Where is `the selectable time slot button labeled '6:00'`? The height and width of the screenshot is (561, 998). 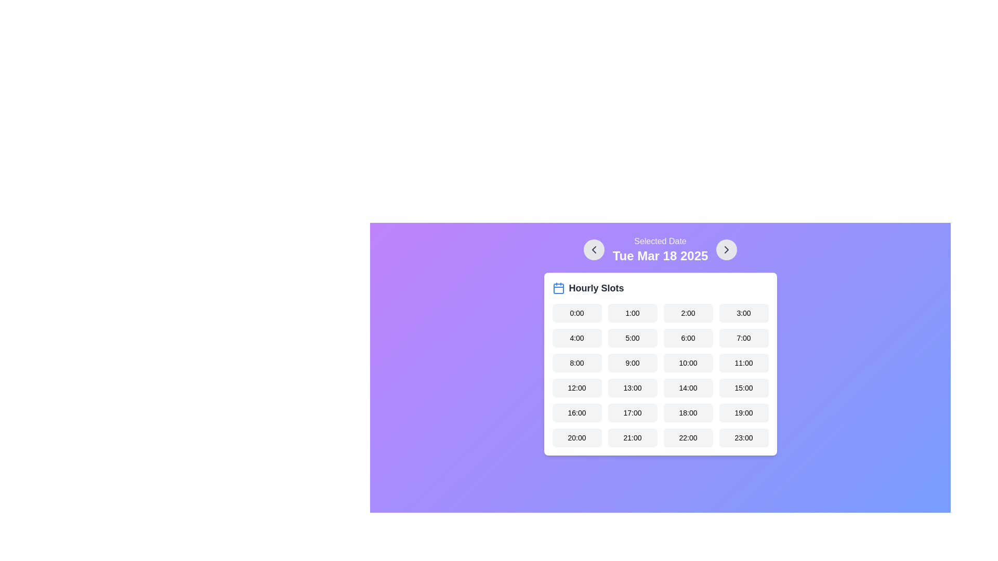 the selectable time slot button labeled '6:00' is located at coordinates (688, 338).